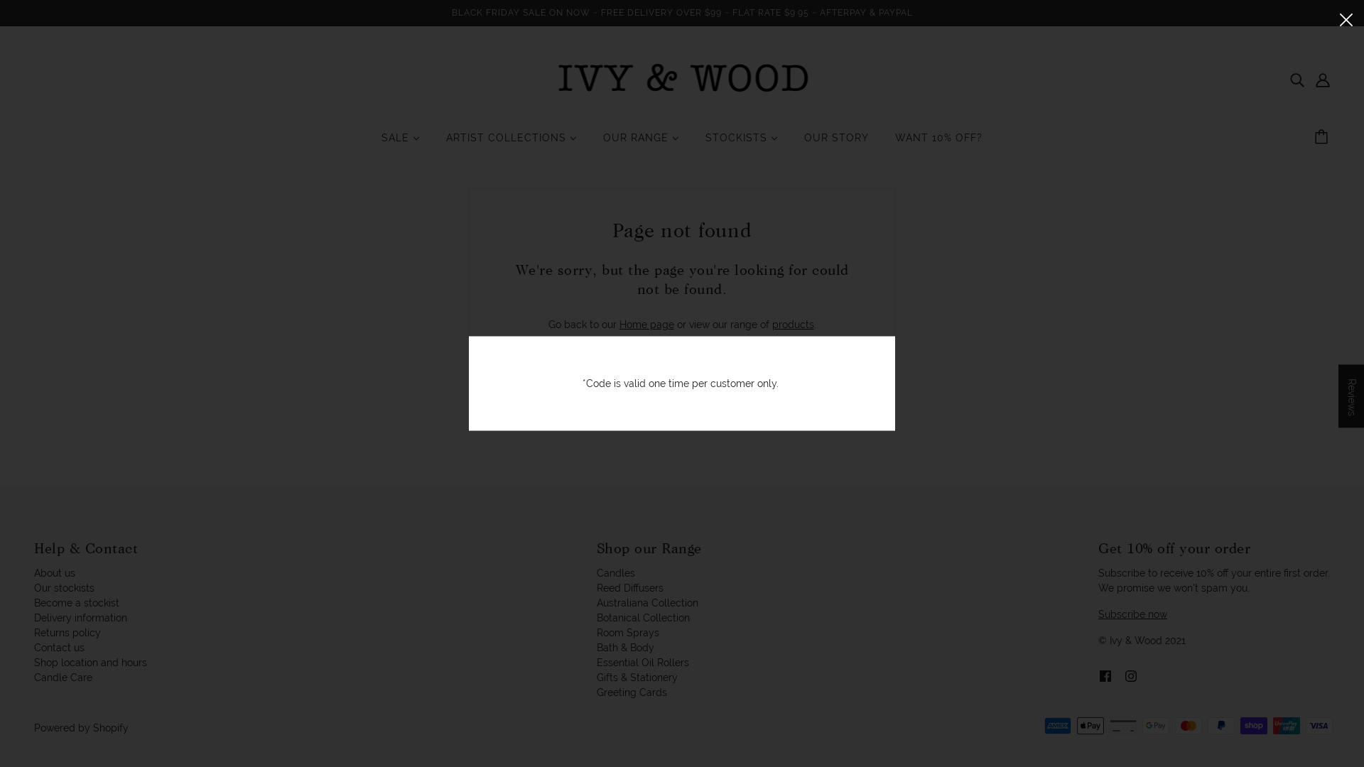  Describe the element at coordinates (682, 79) in the screenshot. I see `'Ivy & Wood'` at that location.